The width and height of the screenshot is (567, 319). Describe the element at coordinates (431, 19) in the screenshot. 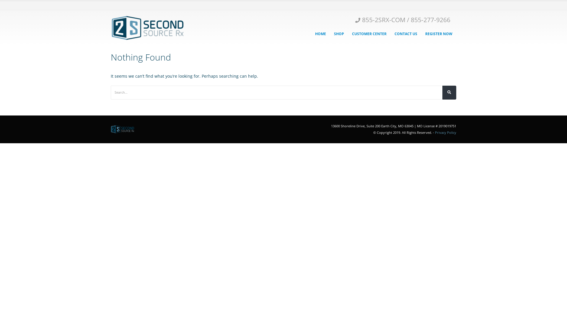

I see `'855-277-9266'` at that location.